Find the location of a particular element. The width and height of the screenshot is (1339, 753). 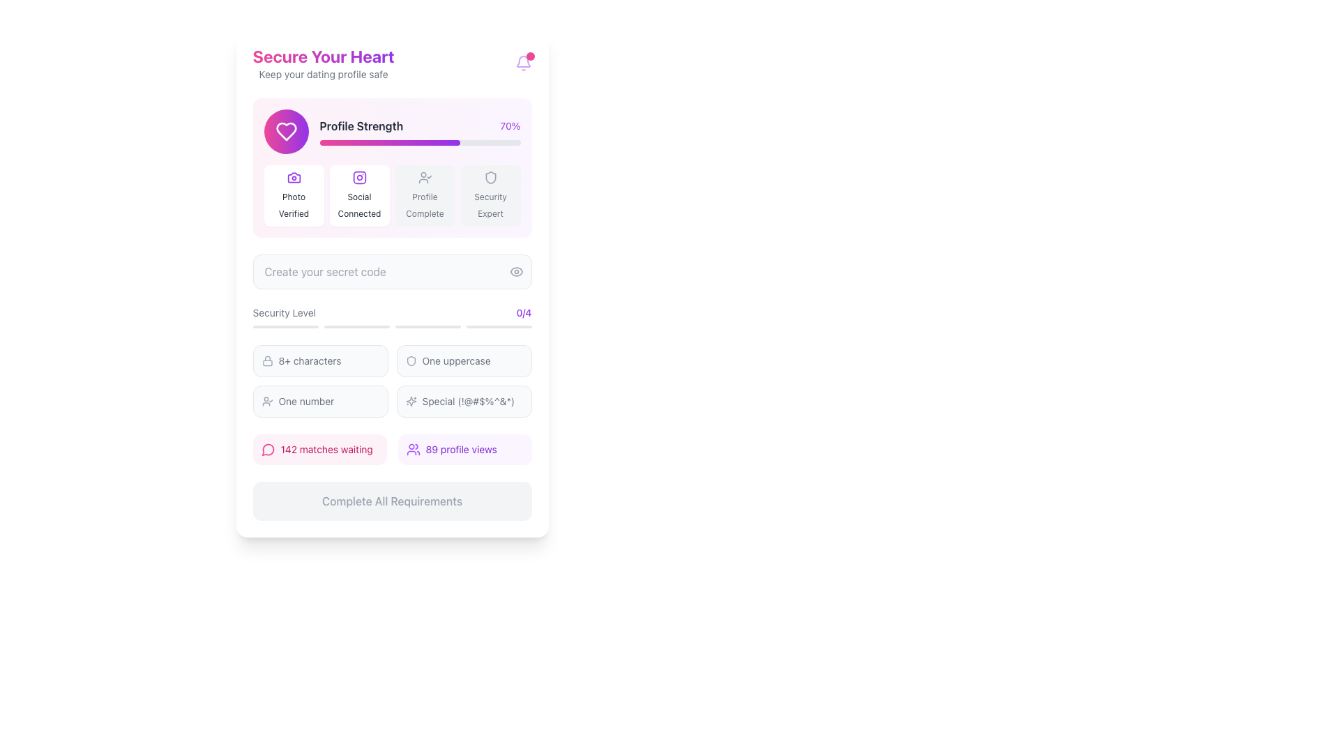

text of the Label with icon that indicates the requirement for at least one uppercase character in the password or code, positioned in the 'Security Level' section below the '8+ characters' requirement is located at coordinates (464, 360).